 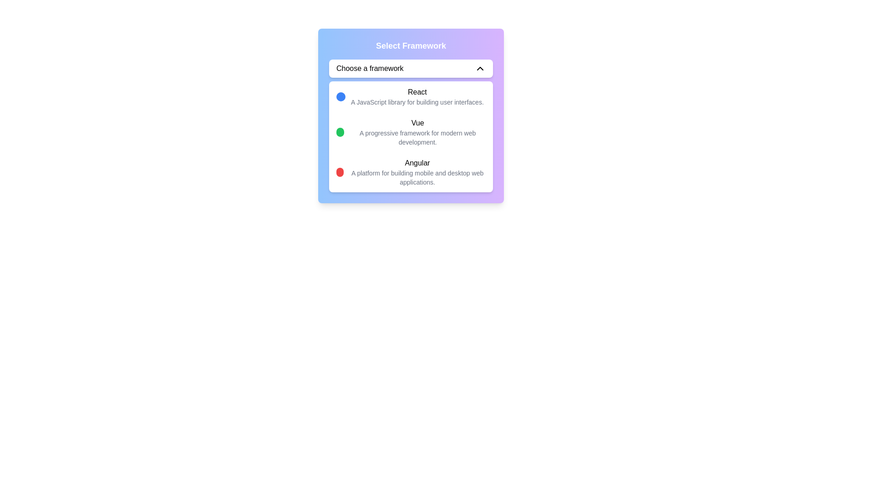 I want to click on the TextBlock displaying the title 'React' and subtitle 'A JavaScript library for building user interfaces.' located in the selection interface titled 'Select Framework', so click(x=417, y=96).